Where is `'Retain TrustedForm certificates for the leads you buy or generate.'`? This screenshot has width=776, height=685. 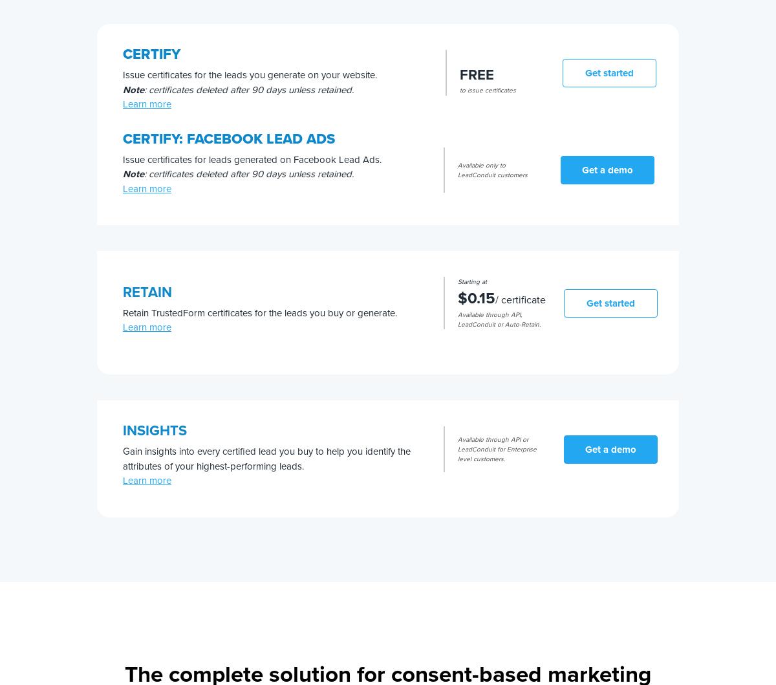
'Retain TrustedForm certificates for the leads you buy or generate.' is located at coordinates (122, 311).